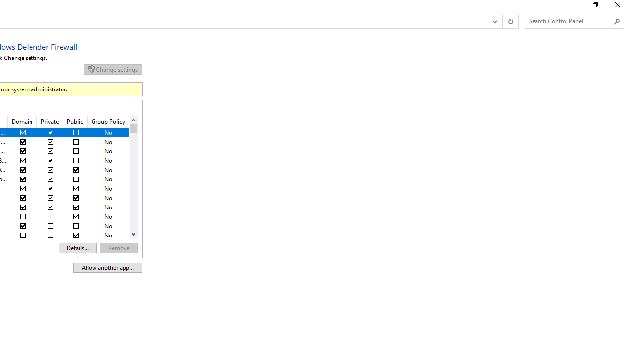 The height and width of the screenshot is (354, 630). Describe the element at coordinates (510, 21) in the screenshot. I see `'Refresh "Allowed apps" (F5)'` at that location.